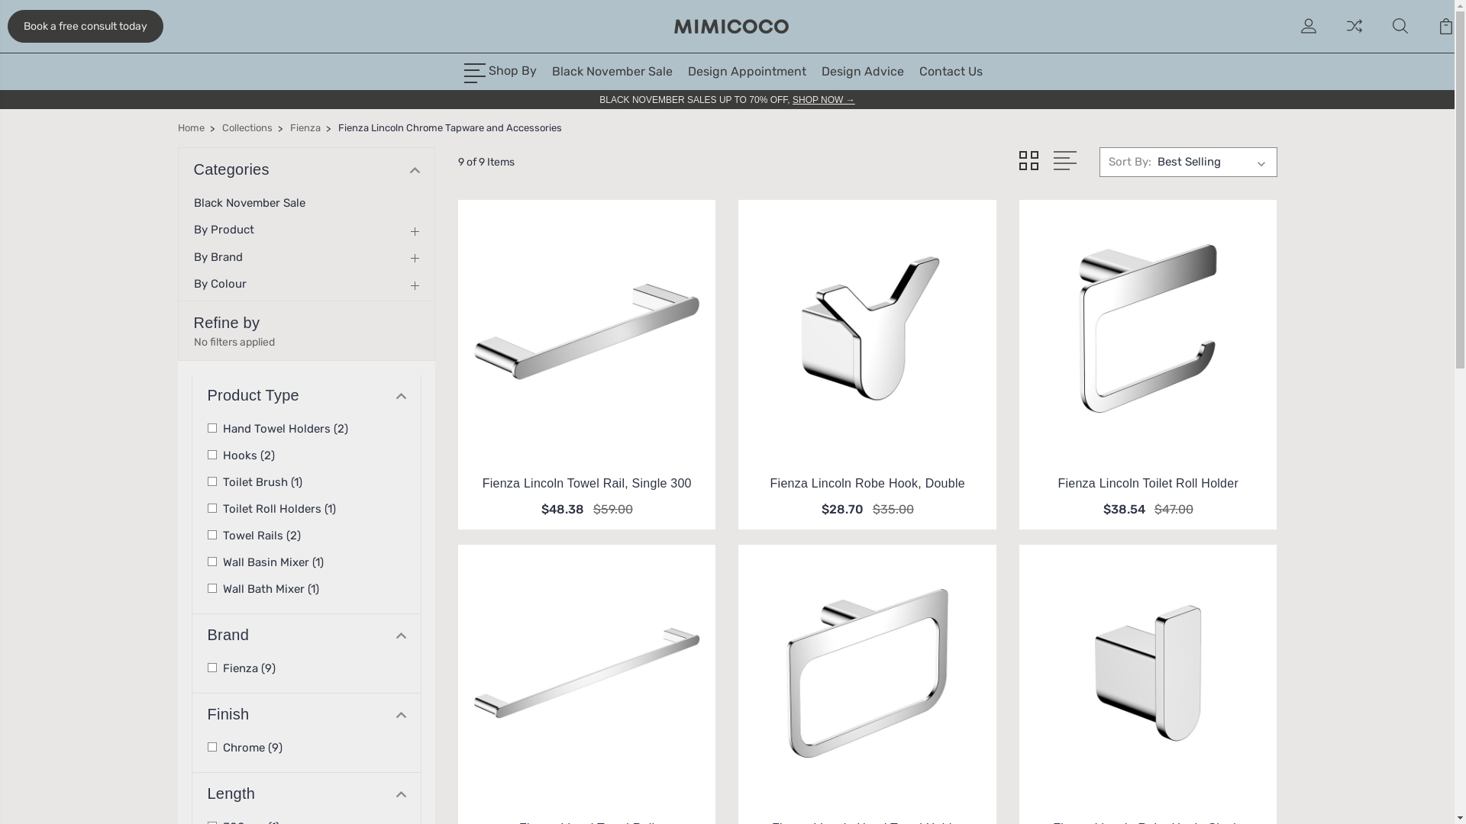 Image resolution: width=1466 pixels, height=824 pixels. Describe the element at coordinates (862, 71) in the screenshot. I see `'Design Advice'` at that location.